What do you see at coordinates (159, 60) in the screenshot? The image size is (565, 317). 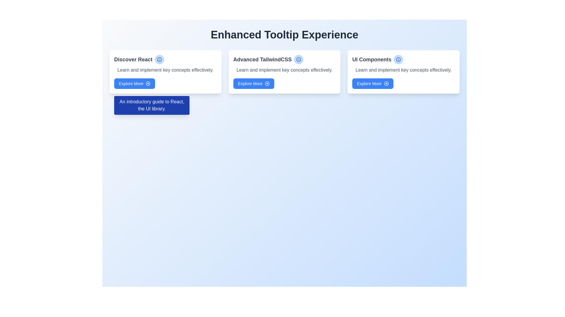 I see `the circular icon with a blue ring and an inner exclamation mark located at the top right corner of the Discover React card` at bounding box center [159, 60].